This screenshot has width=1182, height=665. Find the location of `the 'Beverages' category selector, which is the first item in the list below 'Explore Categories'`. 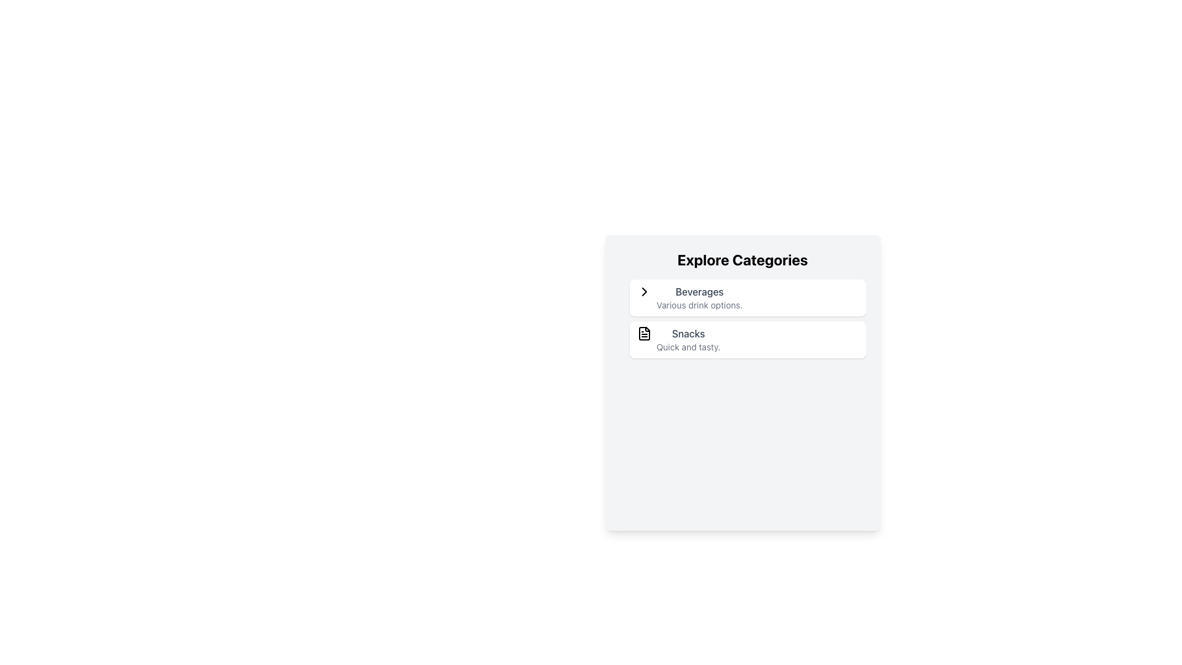

the 'Beverages' category selector, which is the first item in the list below 'Explore Categories' is located at coordinates (699, 297).